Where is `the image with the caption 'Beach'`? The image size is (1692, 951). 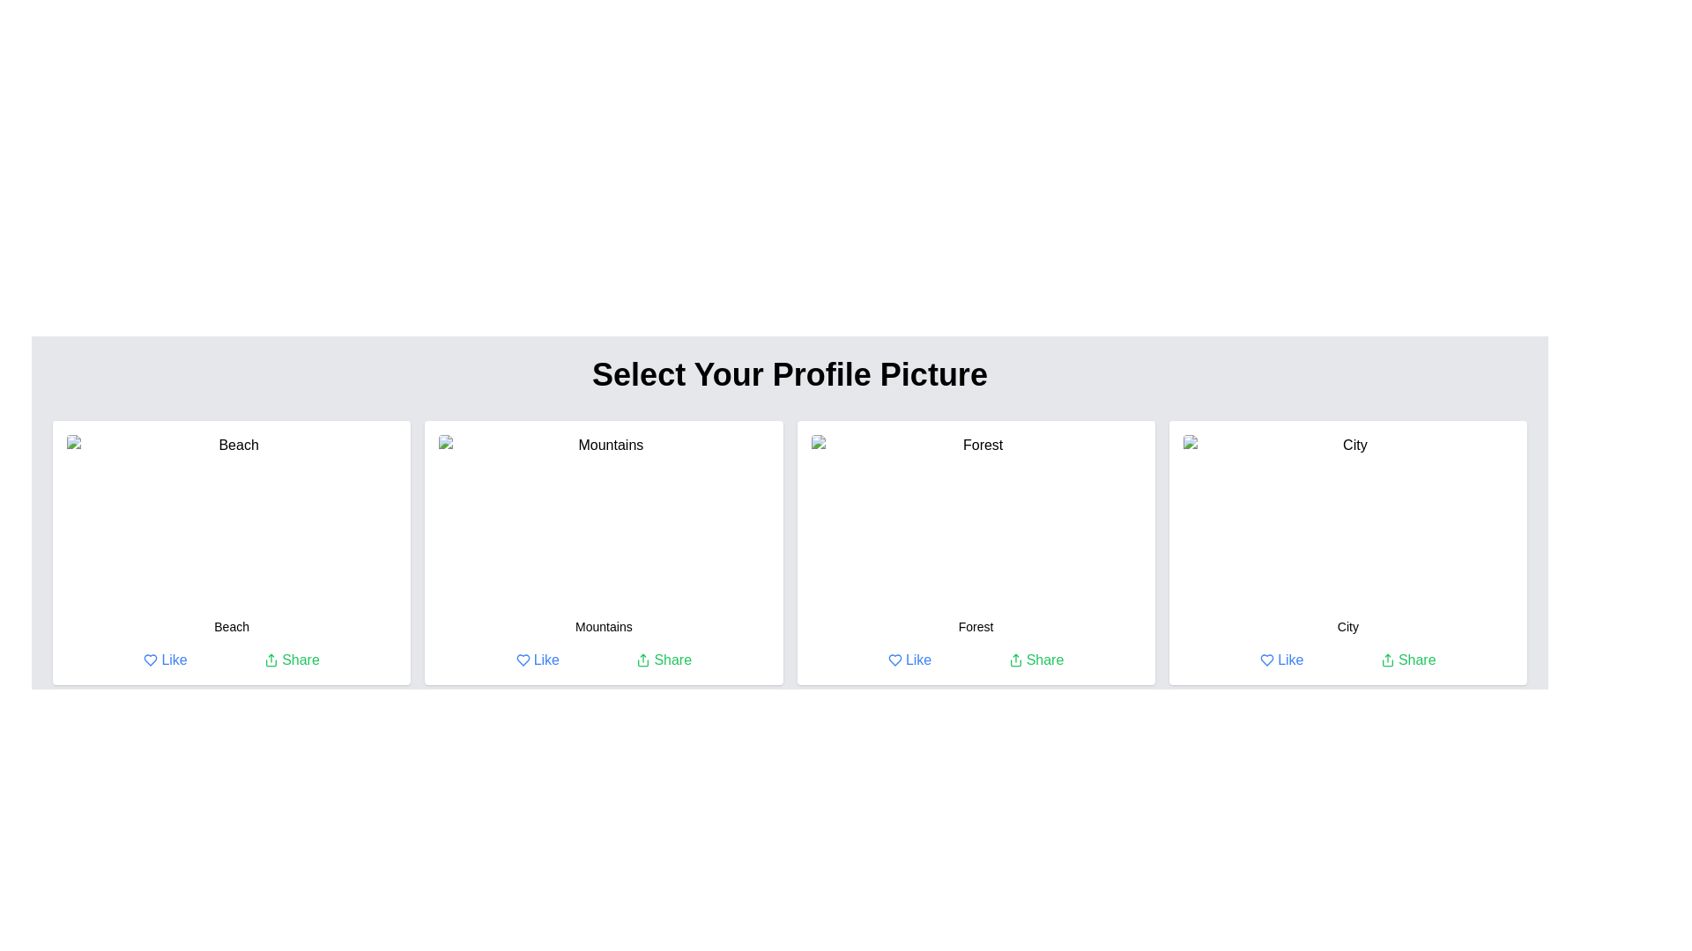
the image with the caption 'Beach' is located at coordinates (231, 519).